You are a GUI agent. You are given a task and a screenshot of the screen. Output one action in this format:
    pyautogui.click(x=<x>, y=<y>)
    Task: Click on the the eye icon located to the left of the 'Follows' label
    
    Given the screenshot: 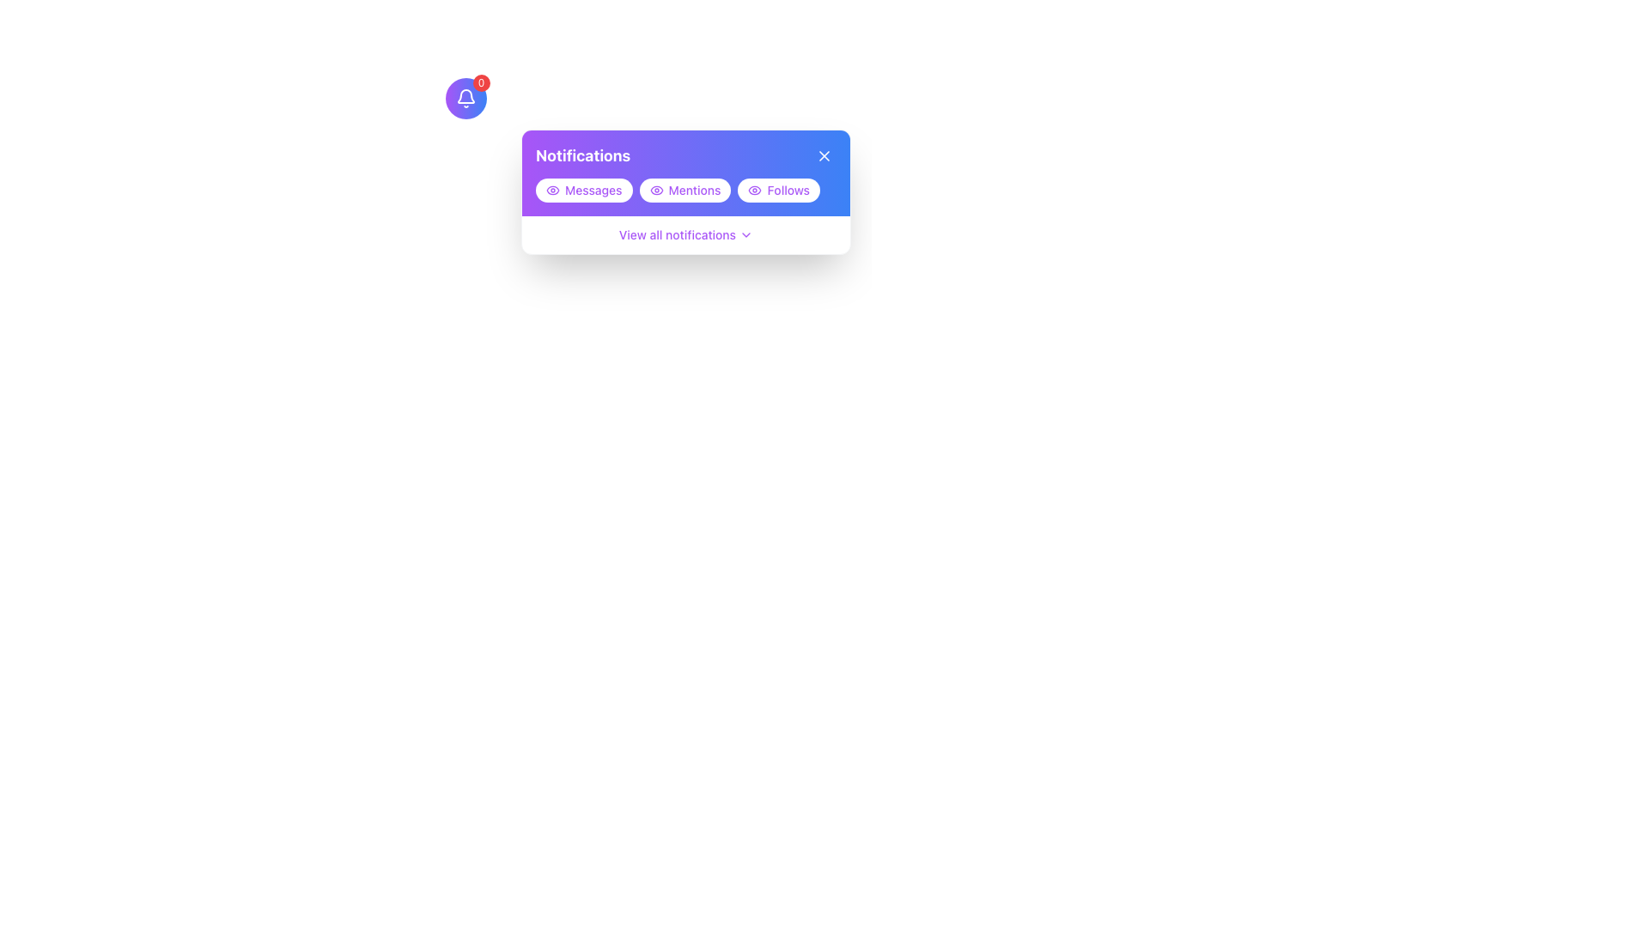 What is the action you would take?
    pyautogui.click(x=755, y=191)
    